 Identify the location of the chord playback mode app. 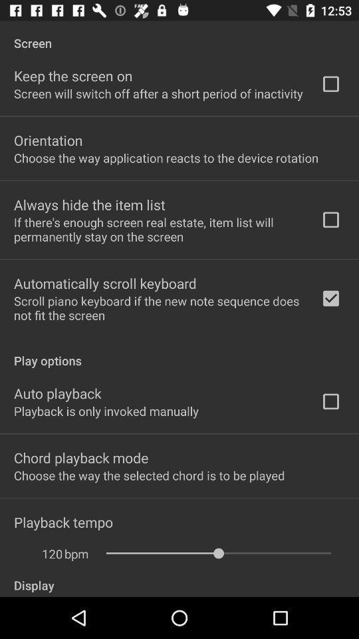
(81, 457).